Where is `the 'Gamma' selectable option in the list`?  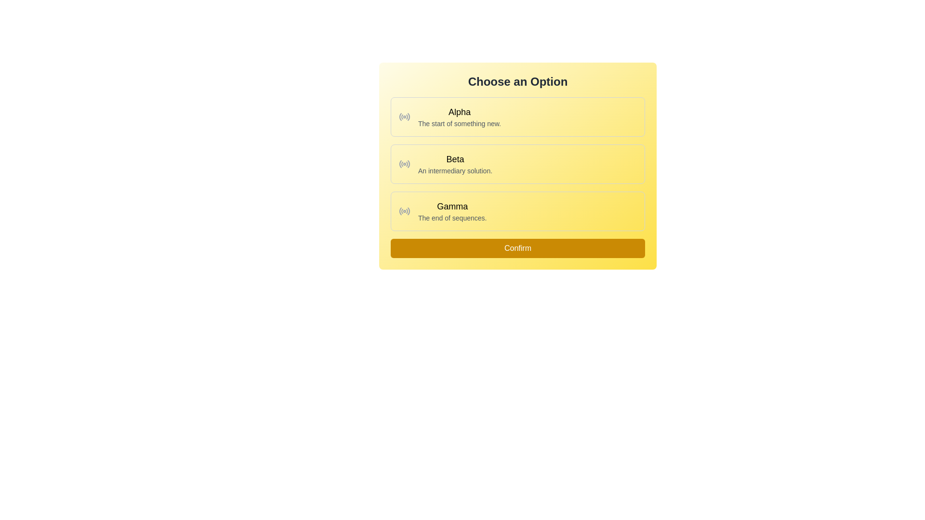 the 'Gamma' selectable option in the list is located at coordinates (452, 211).